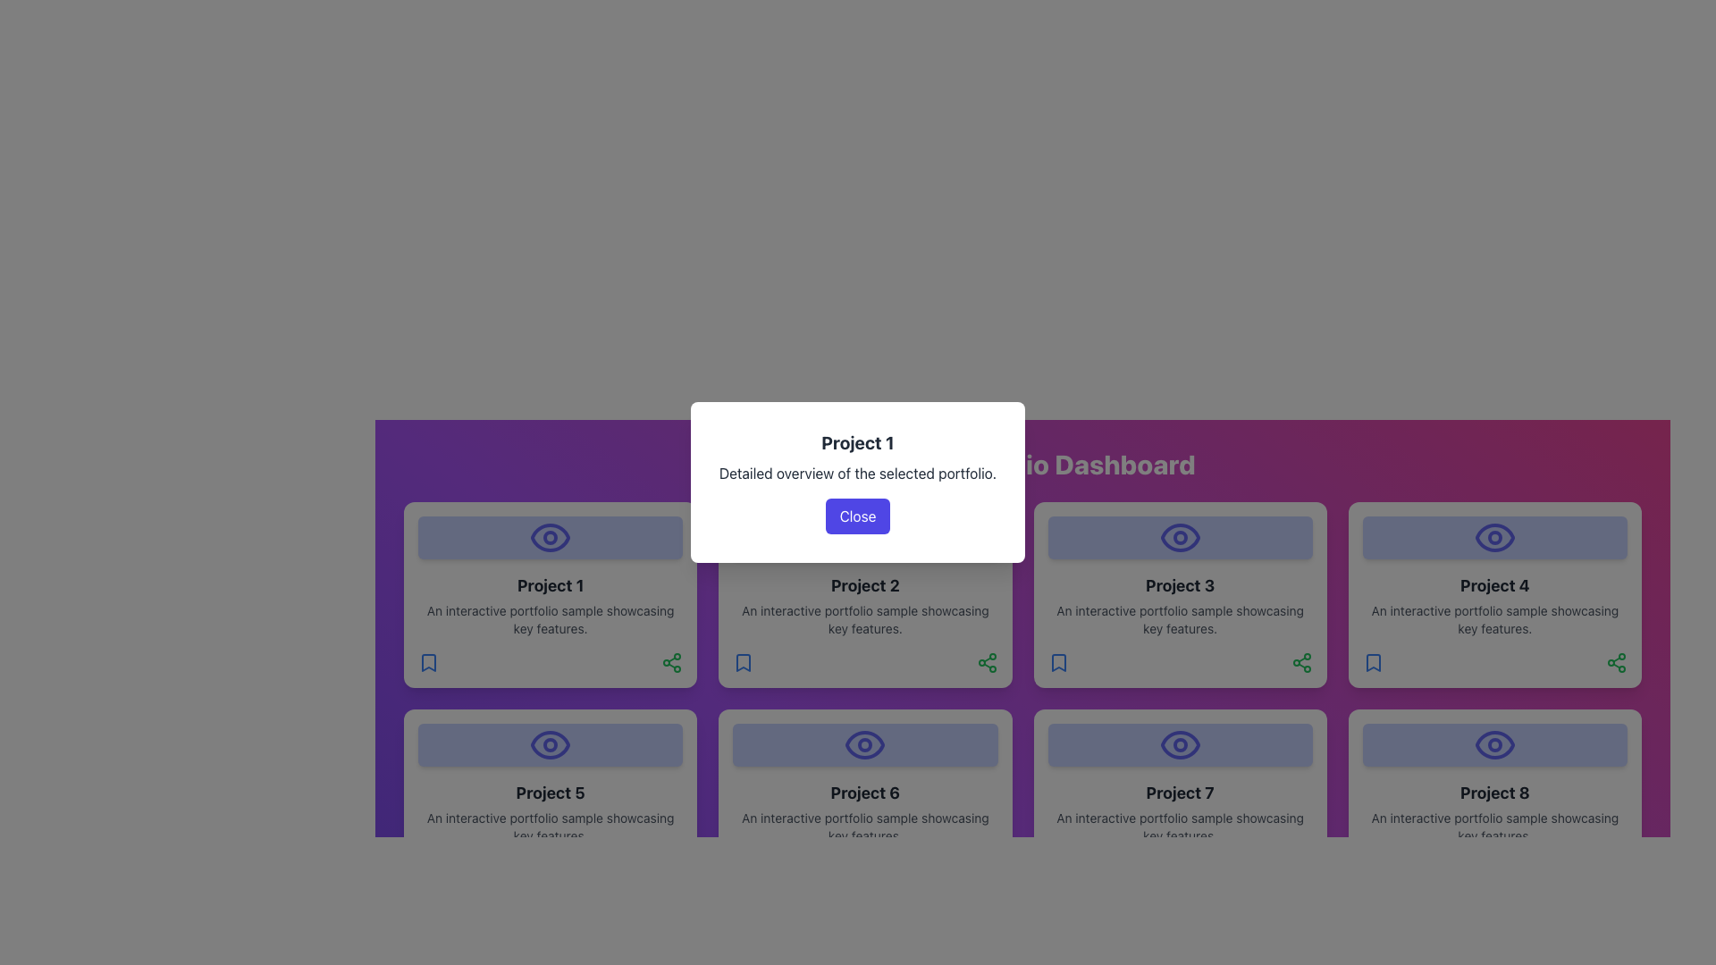  What do you see at coordinates (429, 662) in the screenshot?
I see `the blue bookmark icon located in the bottom-left corner of the 'Project 1' card` at bounding box center [429, 662].